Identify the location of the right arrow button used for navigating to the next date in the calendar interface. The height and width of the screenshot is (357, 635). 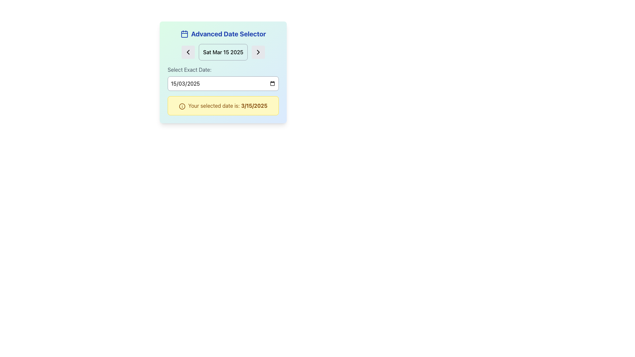
(258, 52).